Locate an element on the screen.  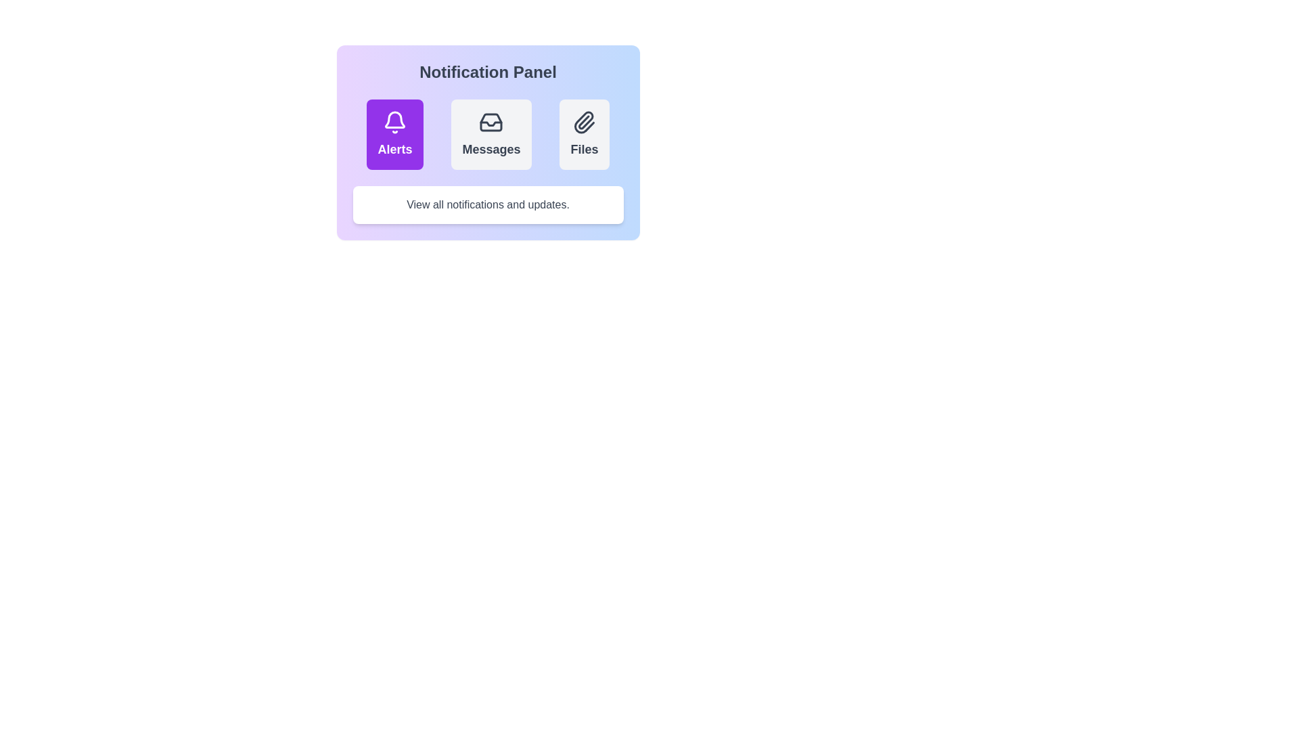
the notification category Messages by clicking on its button is located at coordinates (491, 135).